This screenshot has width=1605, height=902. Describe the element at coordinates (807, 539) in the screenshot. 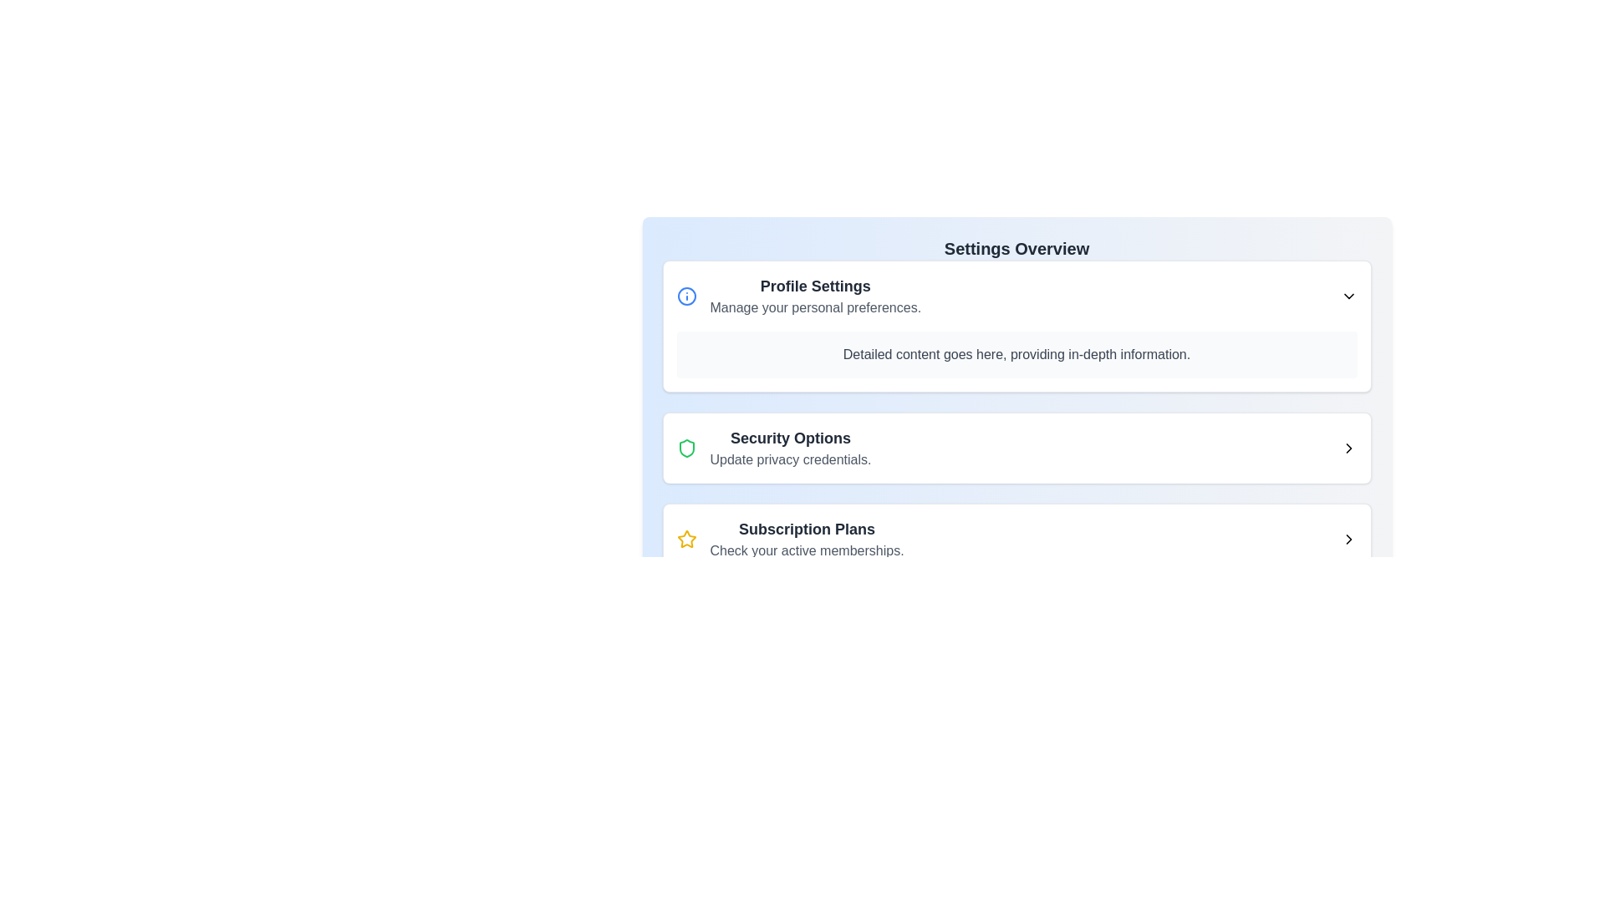

I see `the informational text group located under the header 'Settings Overview', which describes subscription options and is the third item in a vertical stack, with a yellow star icon to its left` at that location.